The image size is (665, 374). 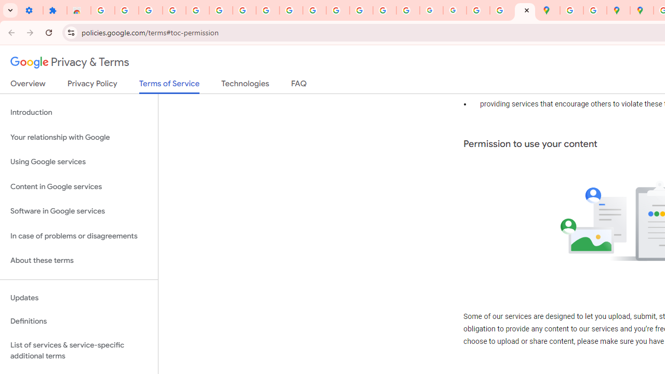 What do you see at coordinates (78, 351) in the screenshot?
I see `'List of services & service-specific additional terms'` at bounding box center [78, 351].